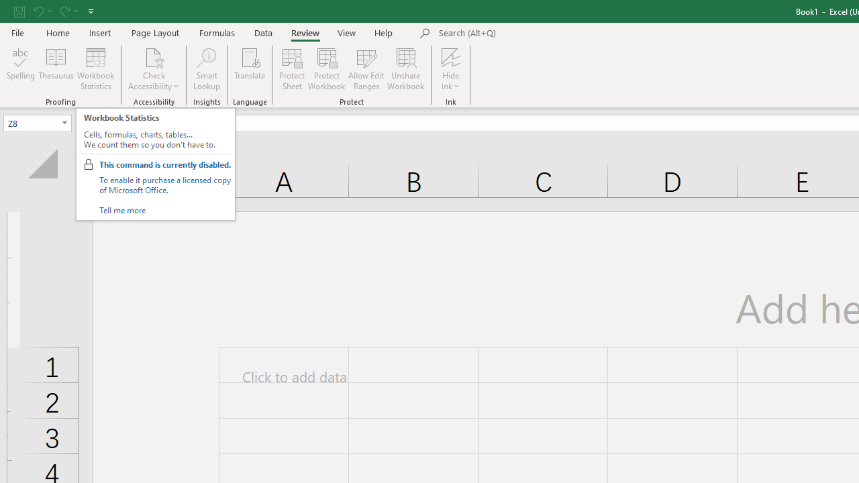 The width and height of the screenshot is (859, 483). Describe the element at coordinates (291, 69) in the screenshot. I see `'Protect Sheet...'` at that location.